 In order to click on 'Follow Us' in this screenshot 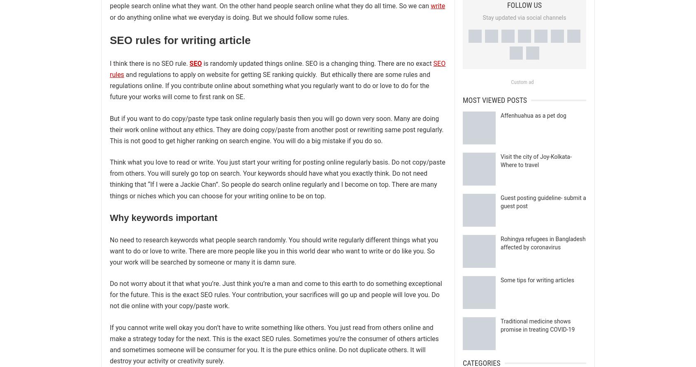, I will do `click(524, 5)`.